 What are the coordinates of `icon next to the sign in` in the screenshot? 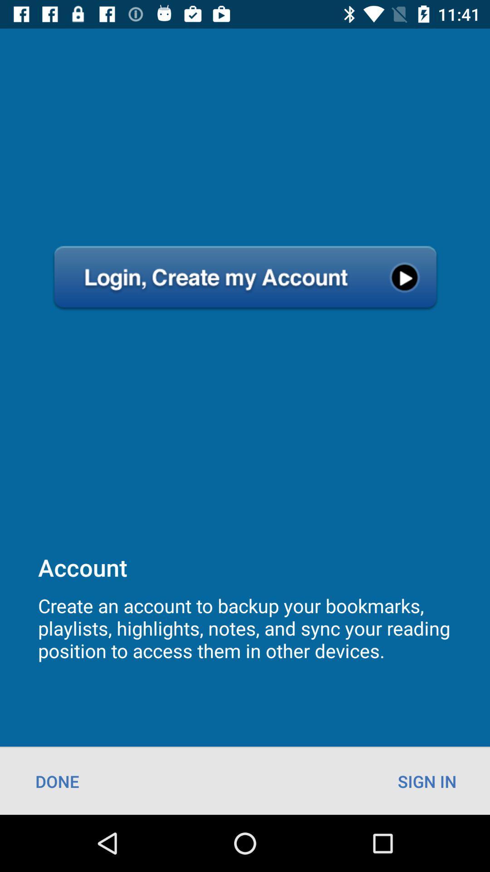 It's located at (57, 781).